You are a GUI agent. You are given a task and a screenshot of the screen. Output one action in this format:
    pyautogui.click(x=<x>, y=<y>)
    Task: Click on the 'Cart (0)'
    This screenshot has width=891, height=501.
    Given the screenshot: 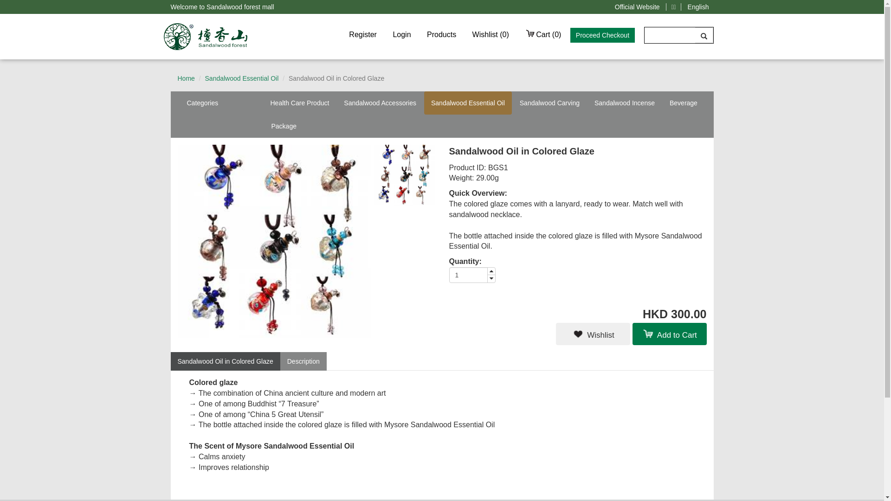 What is the action you would take?
    pyautogui.click(x=517, y=34)
    